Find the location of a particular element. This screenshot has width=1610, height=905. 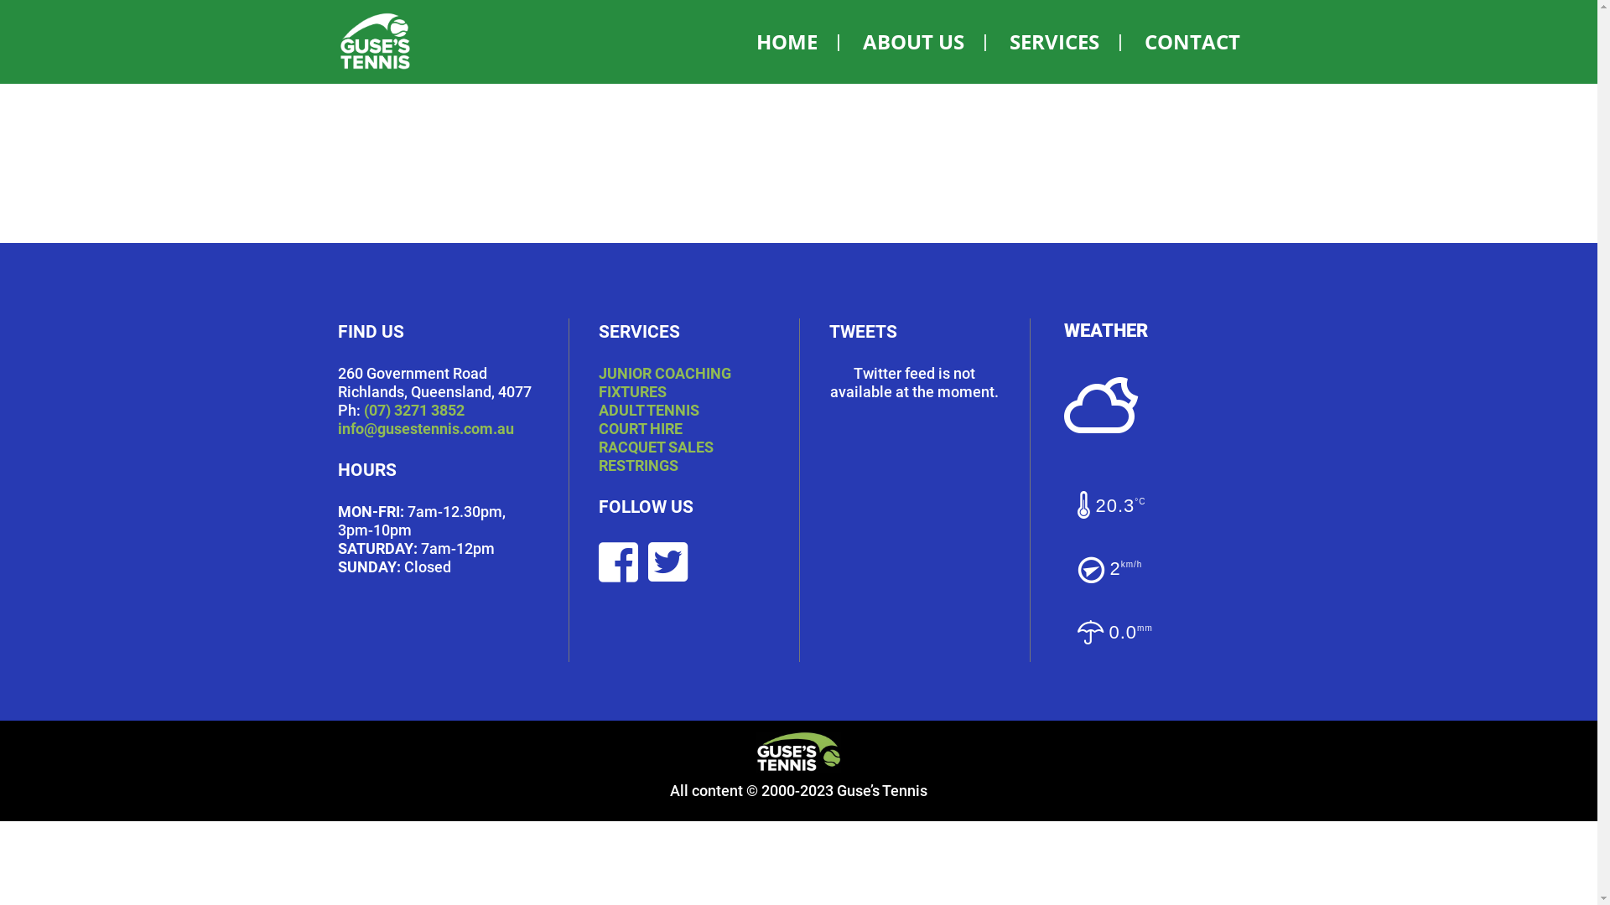

'COURT HIRE' is located at coordinates (639, 427).